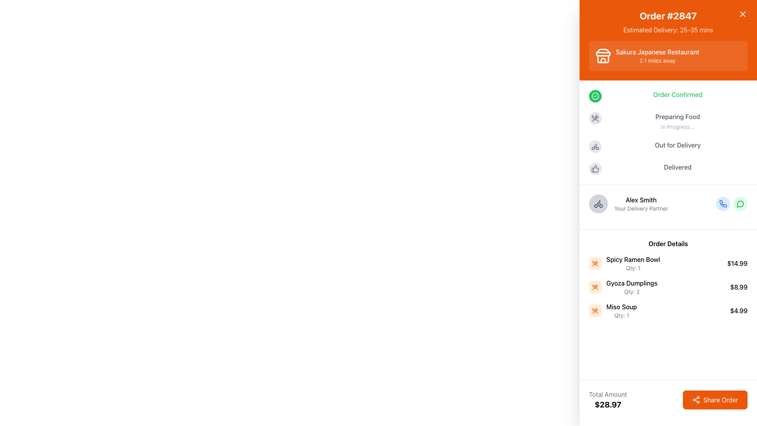 The width and height of the screenshot is (757, 426). Describe the element at coordinates (723, 203) in the screenshot. I see `the Phone Call icon, which is a small telephone receiver icon with a blue outline located towards the bottom-right within the delivery partner's contact area, to initiate a phone call` at that location.